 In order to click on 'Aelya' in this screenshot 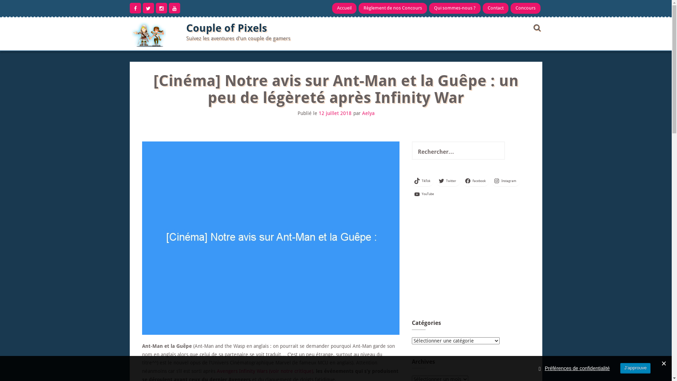, I will do `click(367, 113)`.